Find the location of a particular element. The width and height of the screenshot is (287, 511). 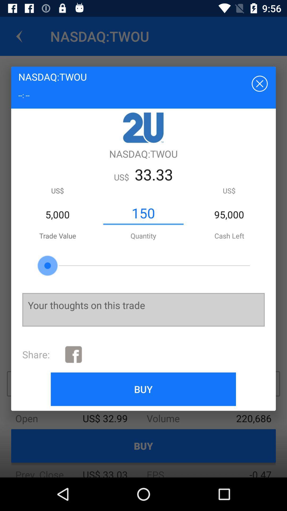

the 150 is located at coordinates (143, 213).